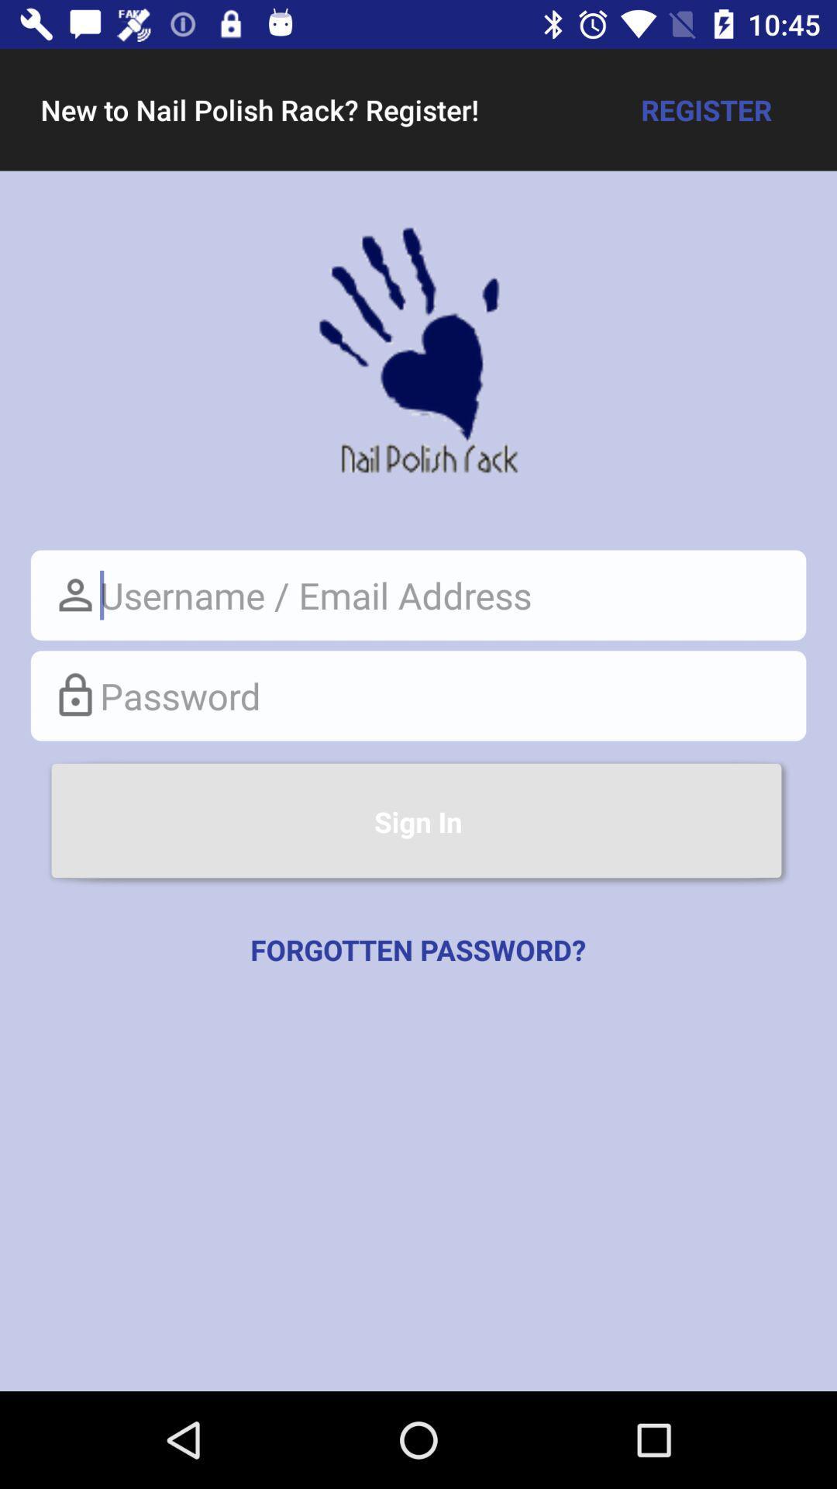 The image size is (837, 1489). What do you see at coordinates (418, 594) in the screenshot?
I see `username` at bounding box center [418, 594].